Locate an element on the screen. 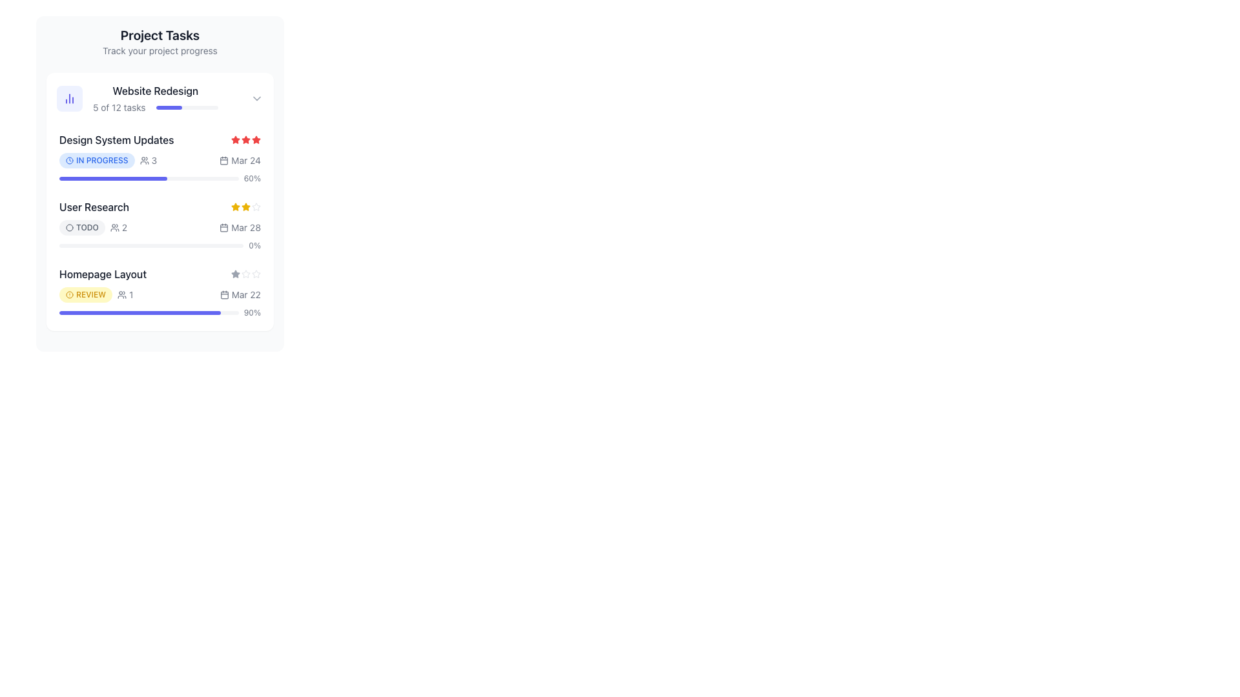  displayed text from the Status indicator in the 'Design System Updates' section, which shows the current task status and associated metadata is located at coordinates (108, 160).